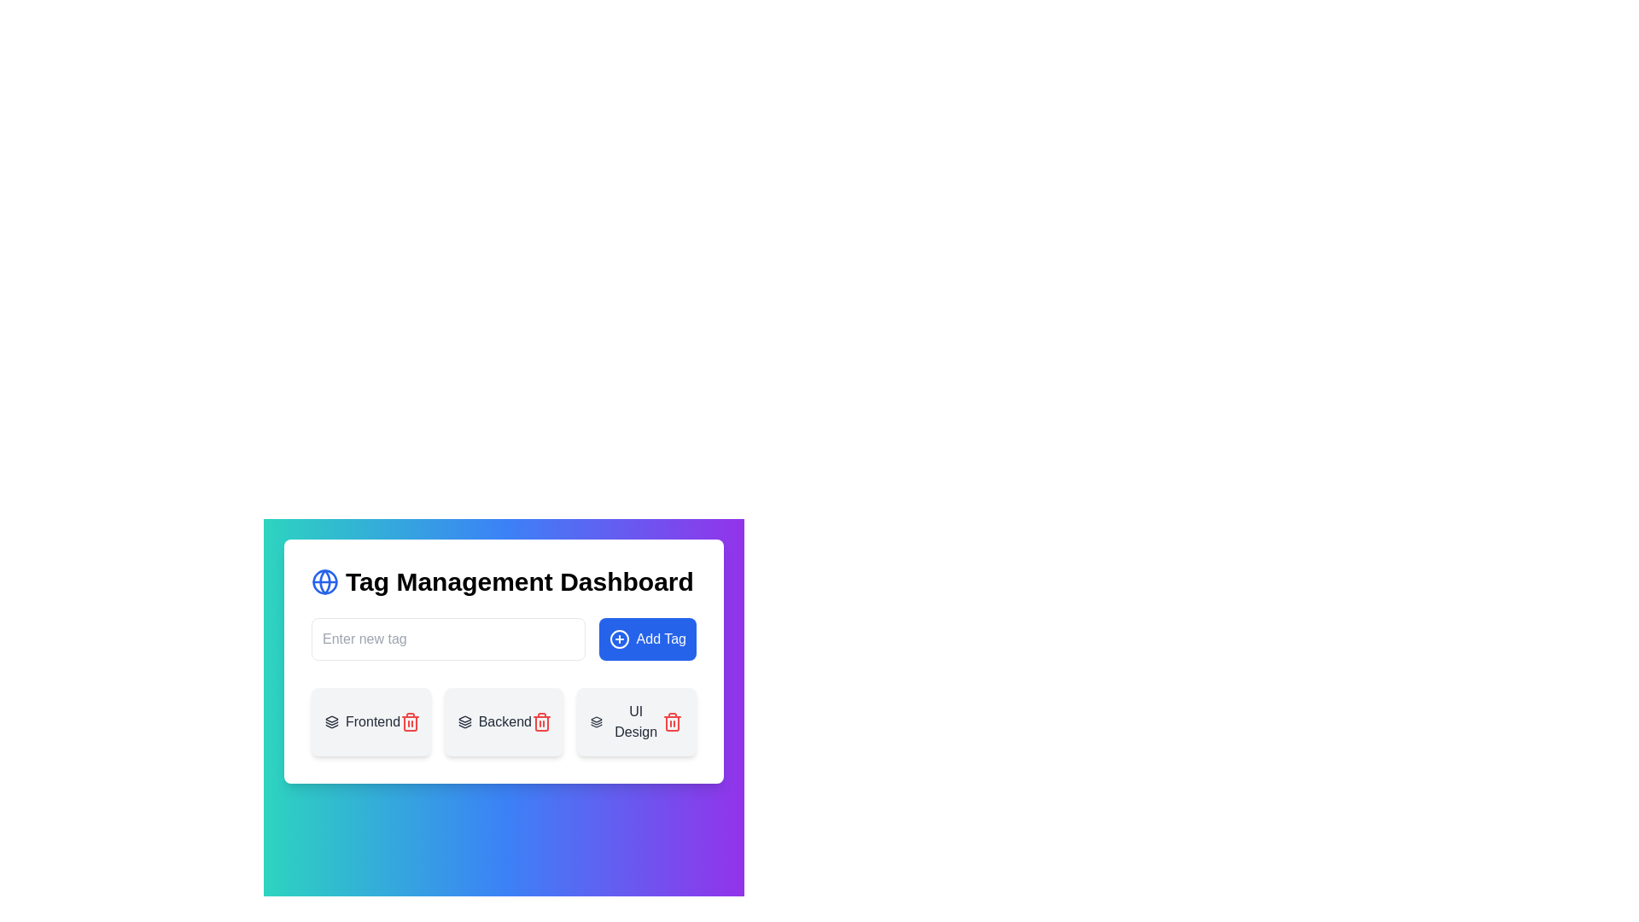  Describe the element at coordinates (331, 721) in the screenshot. I see `the layers icon, which consists of three staggered rectangles stacked vertically, located to the left of the 'Frontend' text label` at that location.